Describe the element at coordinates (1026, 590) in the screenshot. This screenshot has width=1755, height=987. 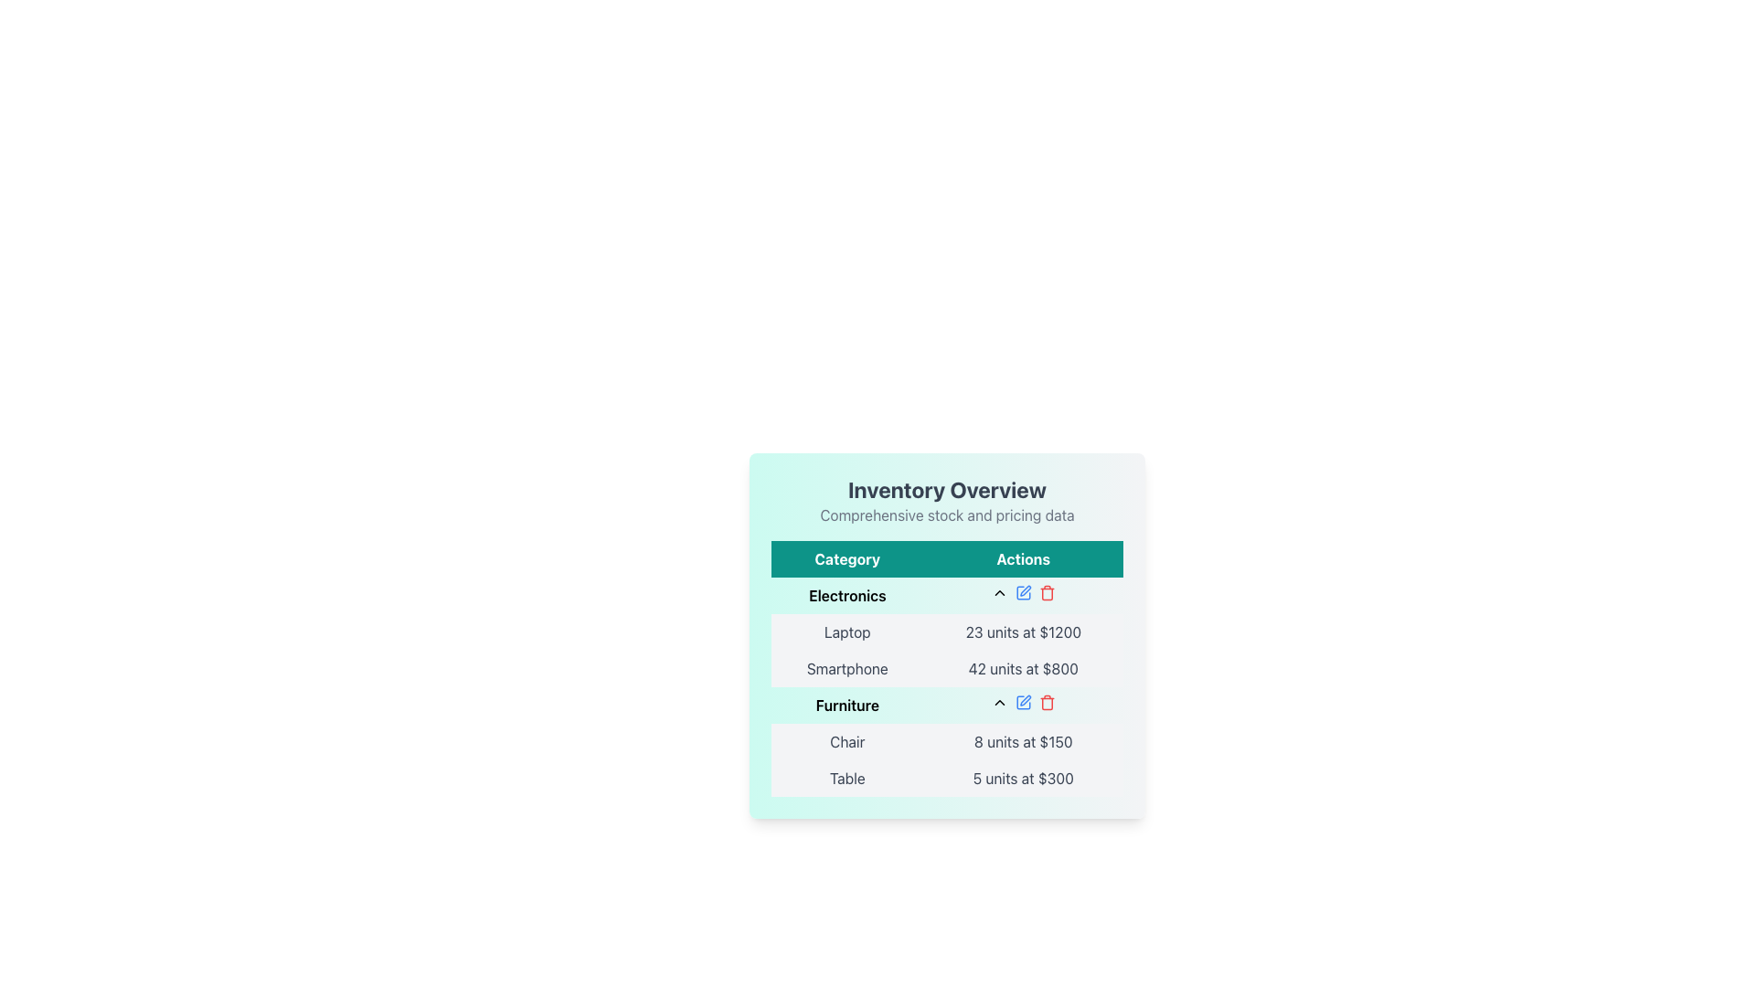
I see `the edit icon button in the 'Electronics' category of the 'Inventory Overview' card` at that location.